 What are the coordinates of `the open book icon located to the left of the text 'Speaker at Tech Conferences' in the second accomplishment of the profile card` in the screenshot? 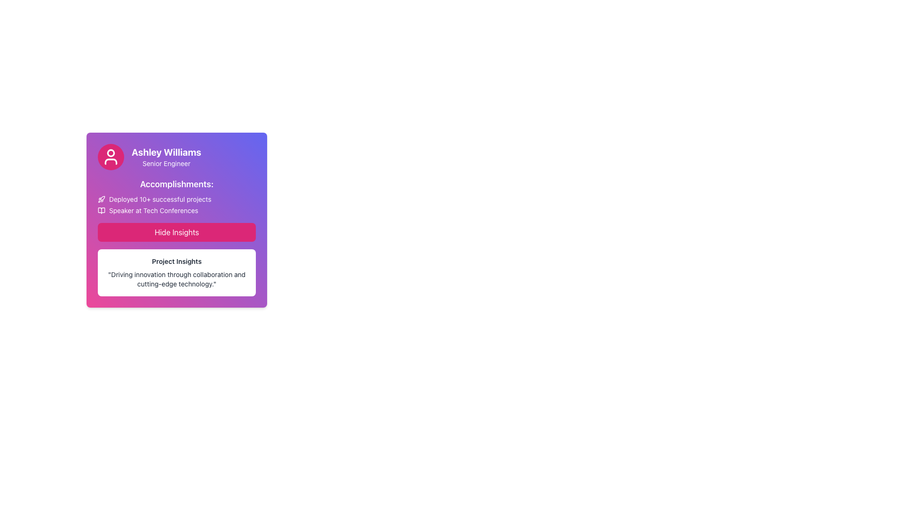 It's located at (102, 210).